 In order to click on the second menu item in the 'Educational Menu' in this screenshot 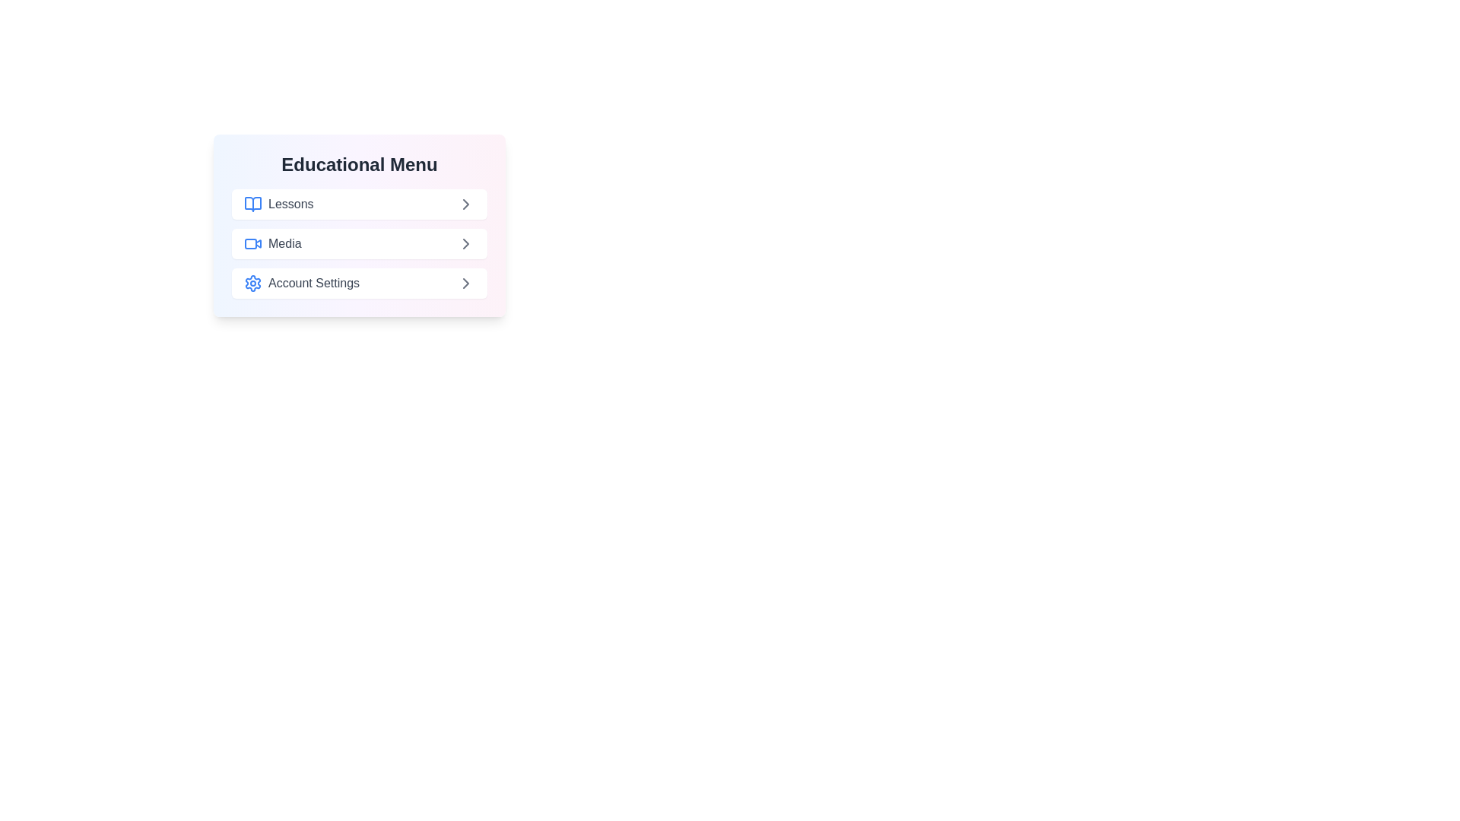, I will do `click(272, 242)`.